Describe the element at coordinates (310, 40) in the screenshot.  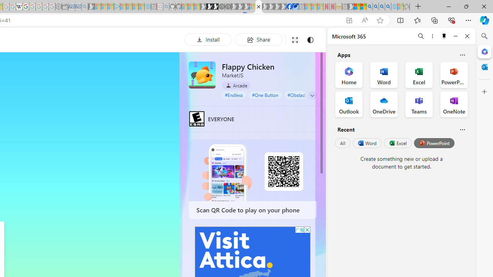
I see `'Change to dark mode'` at that location.